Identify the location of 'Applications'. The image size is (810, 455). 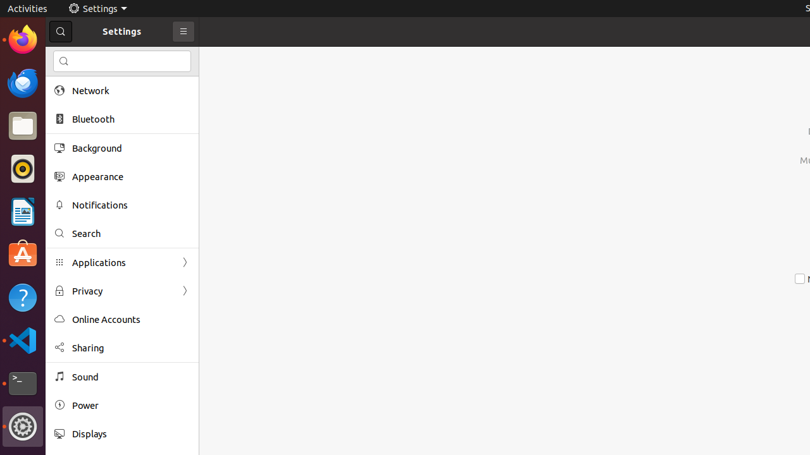
(122, 262).